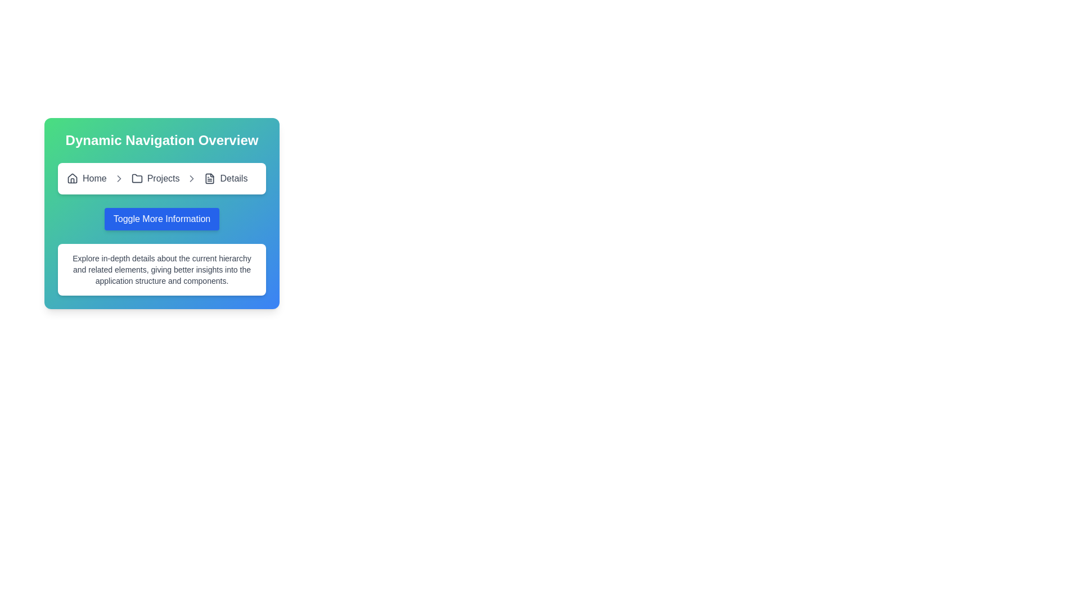  Describe the element at coordinates (72, 178) in the screenshot. I see `the 'Home' icon in the breadcrumb navigation` at that location.